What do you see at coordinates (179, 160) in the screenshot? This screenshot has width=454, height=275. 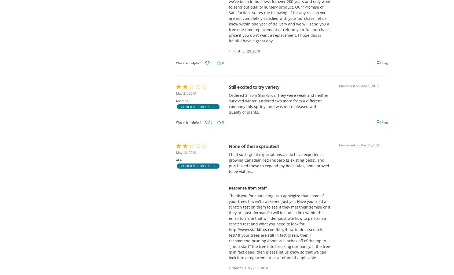 I see `'Al A.'` at bounding box center [179, 160].